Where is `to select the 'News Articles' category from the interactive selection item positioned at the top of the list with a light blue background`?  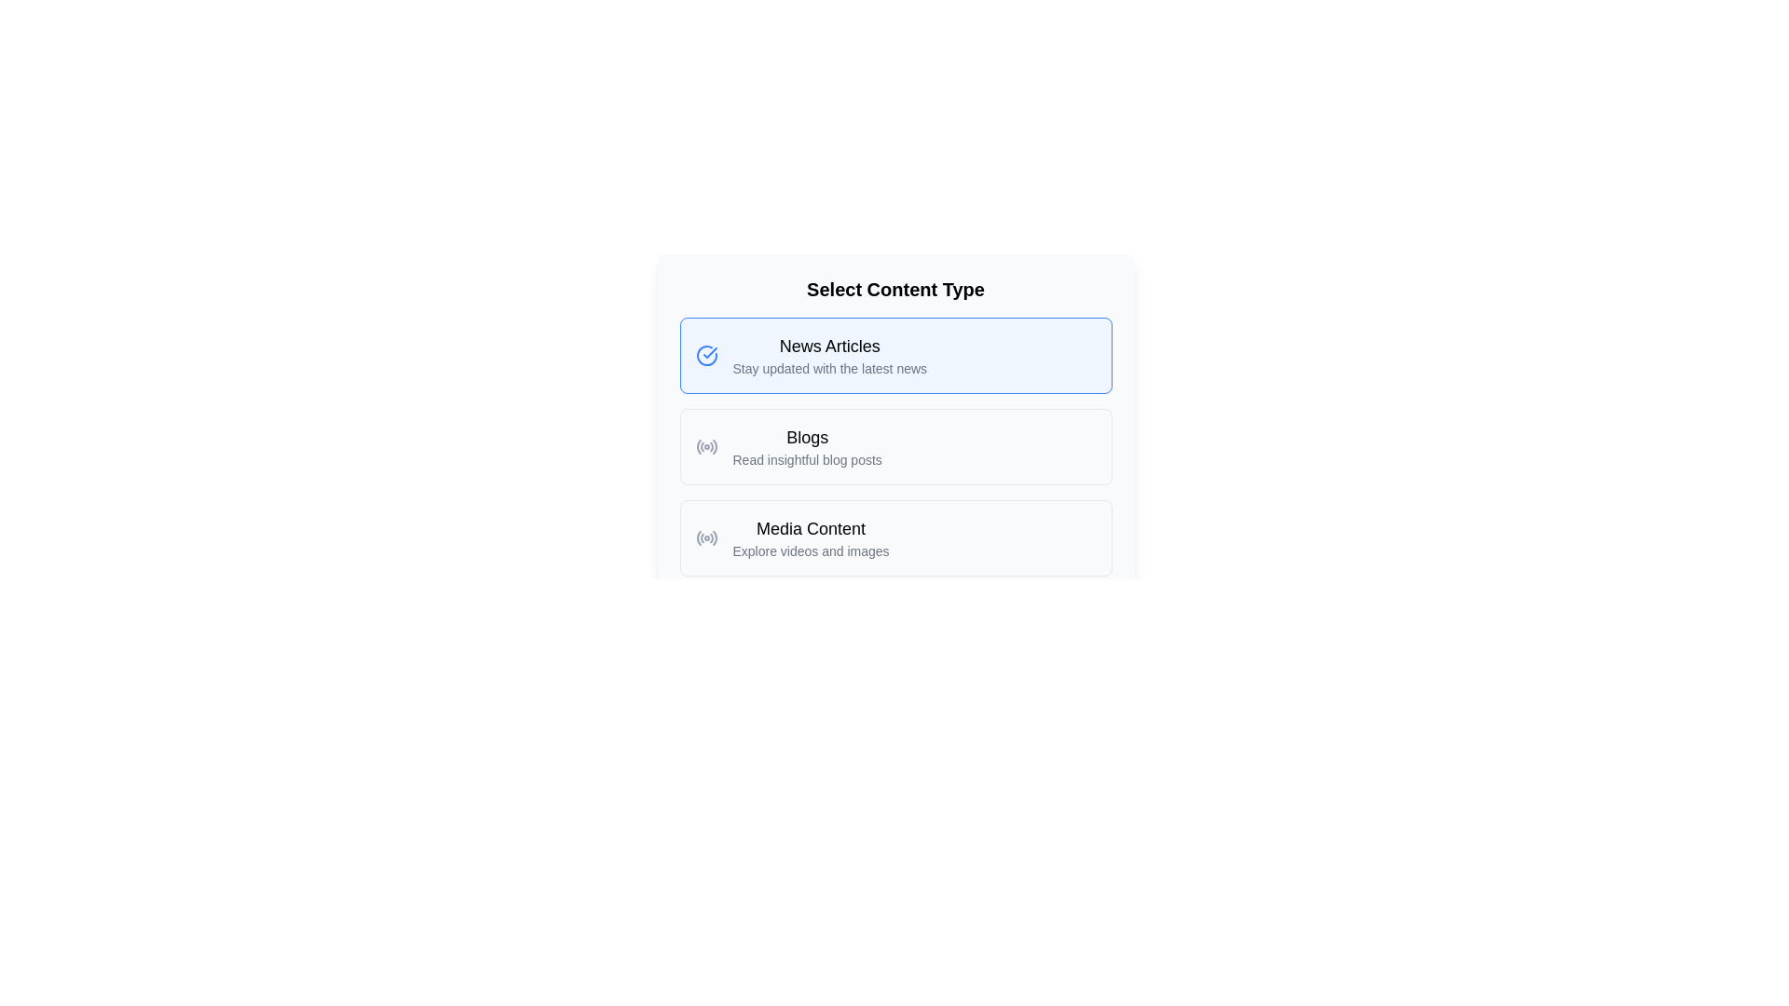
to select the 'News Articles' category from the interactive selection item positioned at the top of the list with a light blue background is located at coordinates (811, 355).